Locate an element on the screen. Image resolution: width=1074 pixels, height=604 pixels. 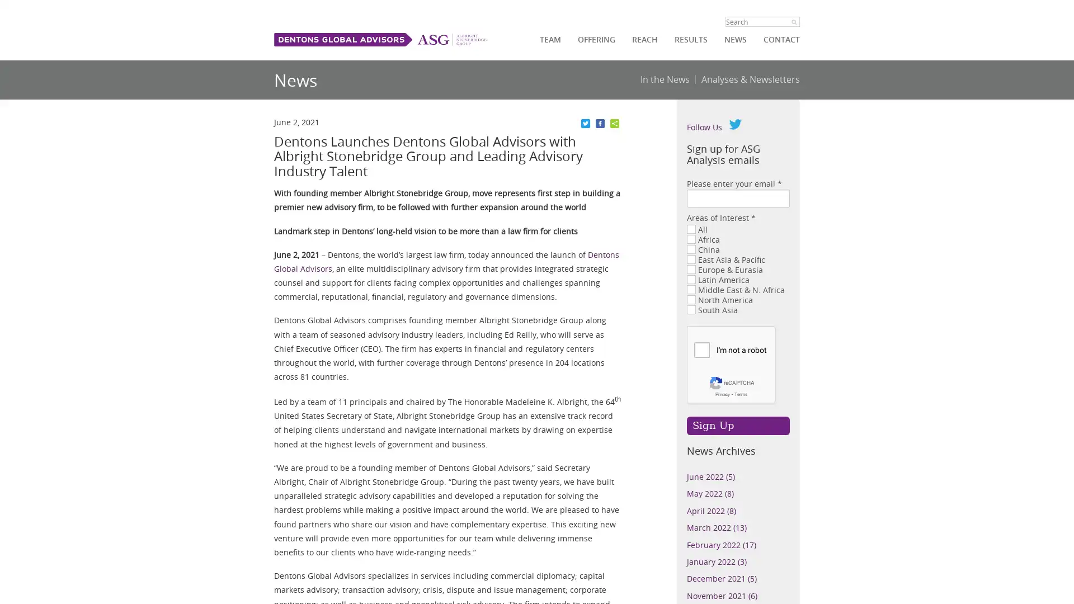
Sign Up is located at coordinates (738, 425).